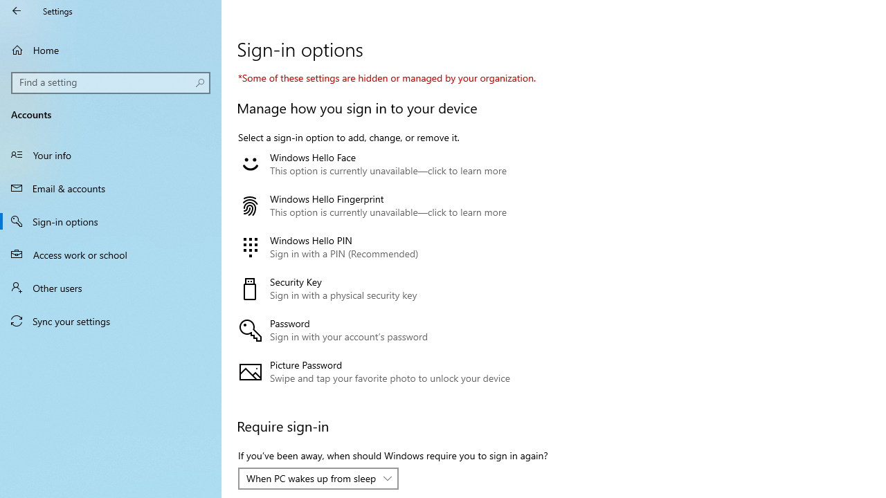  I want to click on 'Sync your settings', so click(111, 321).